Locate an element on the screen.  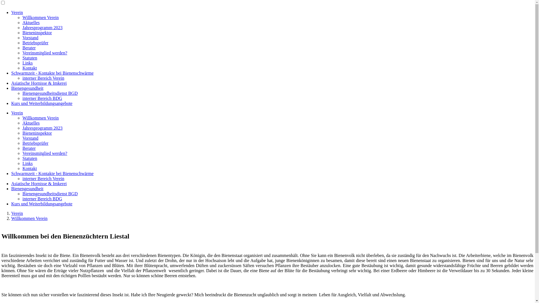
'Aktuelles' is located at coordinates (31, 22).